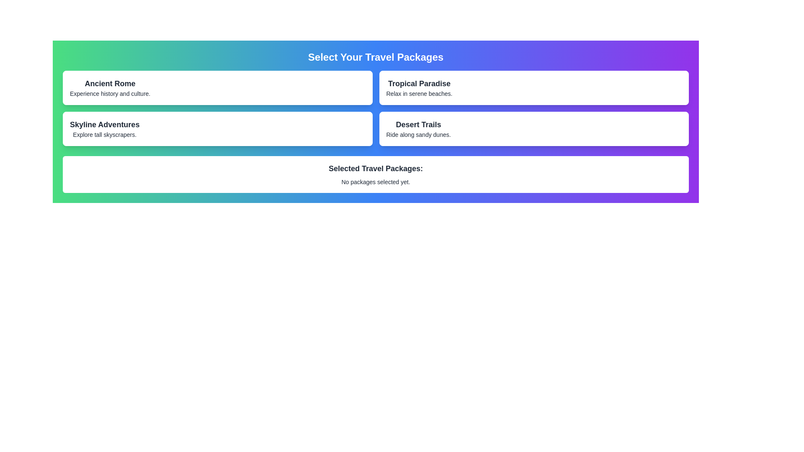 This screenshot has width=804, height=452. I want to click on the clickable card labeled 'Tropical Paradise' that contains the description 'Relax in serene beaches.', so click(533, 87).